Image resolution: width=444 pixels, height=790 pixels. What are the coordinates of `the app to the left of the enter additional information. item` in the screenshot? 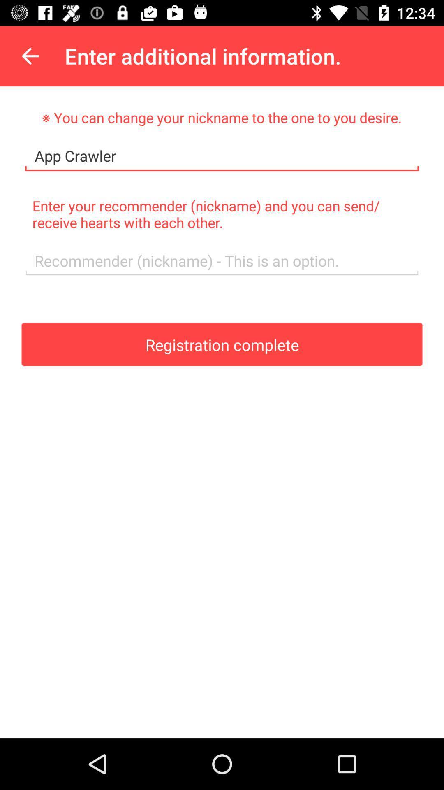 It's located at (30, 56).